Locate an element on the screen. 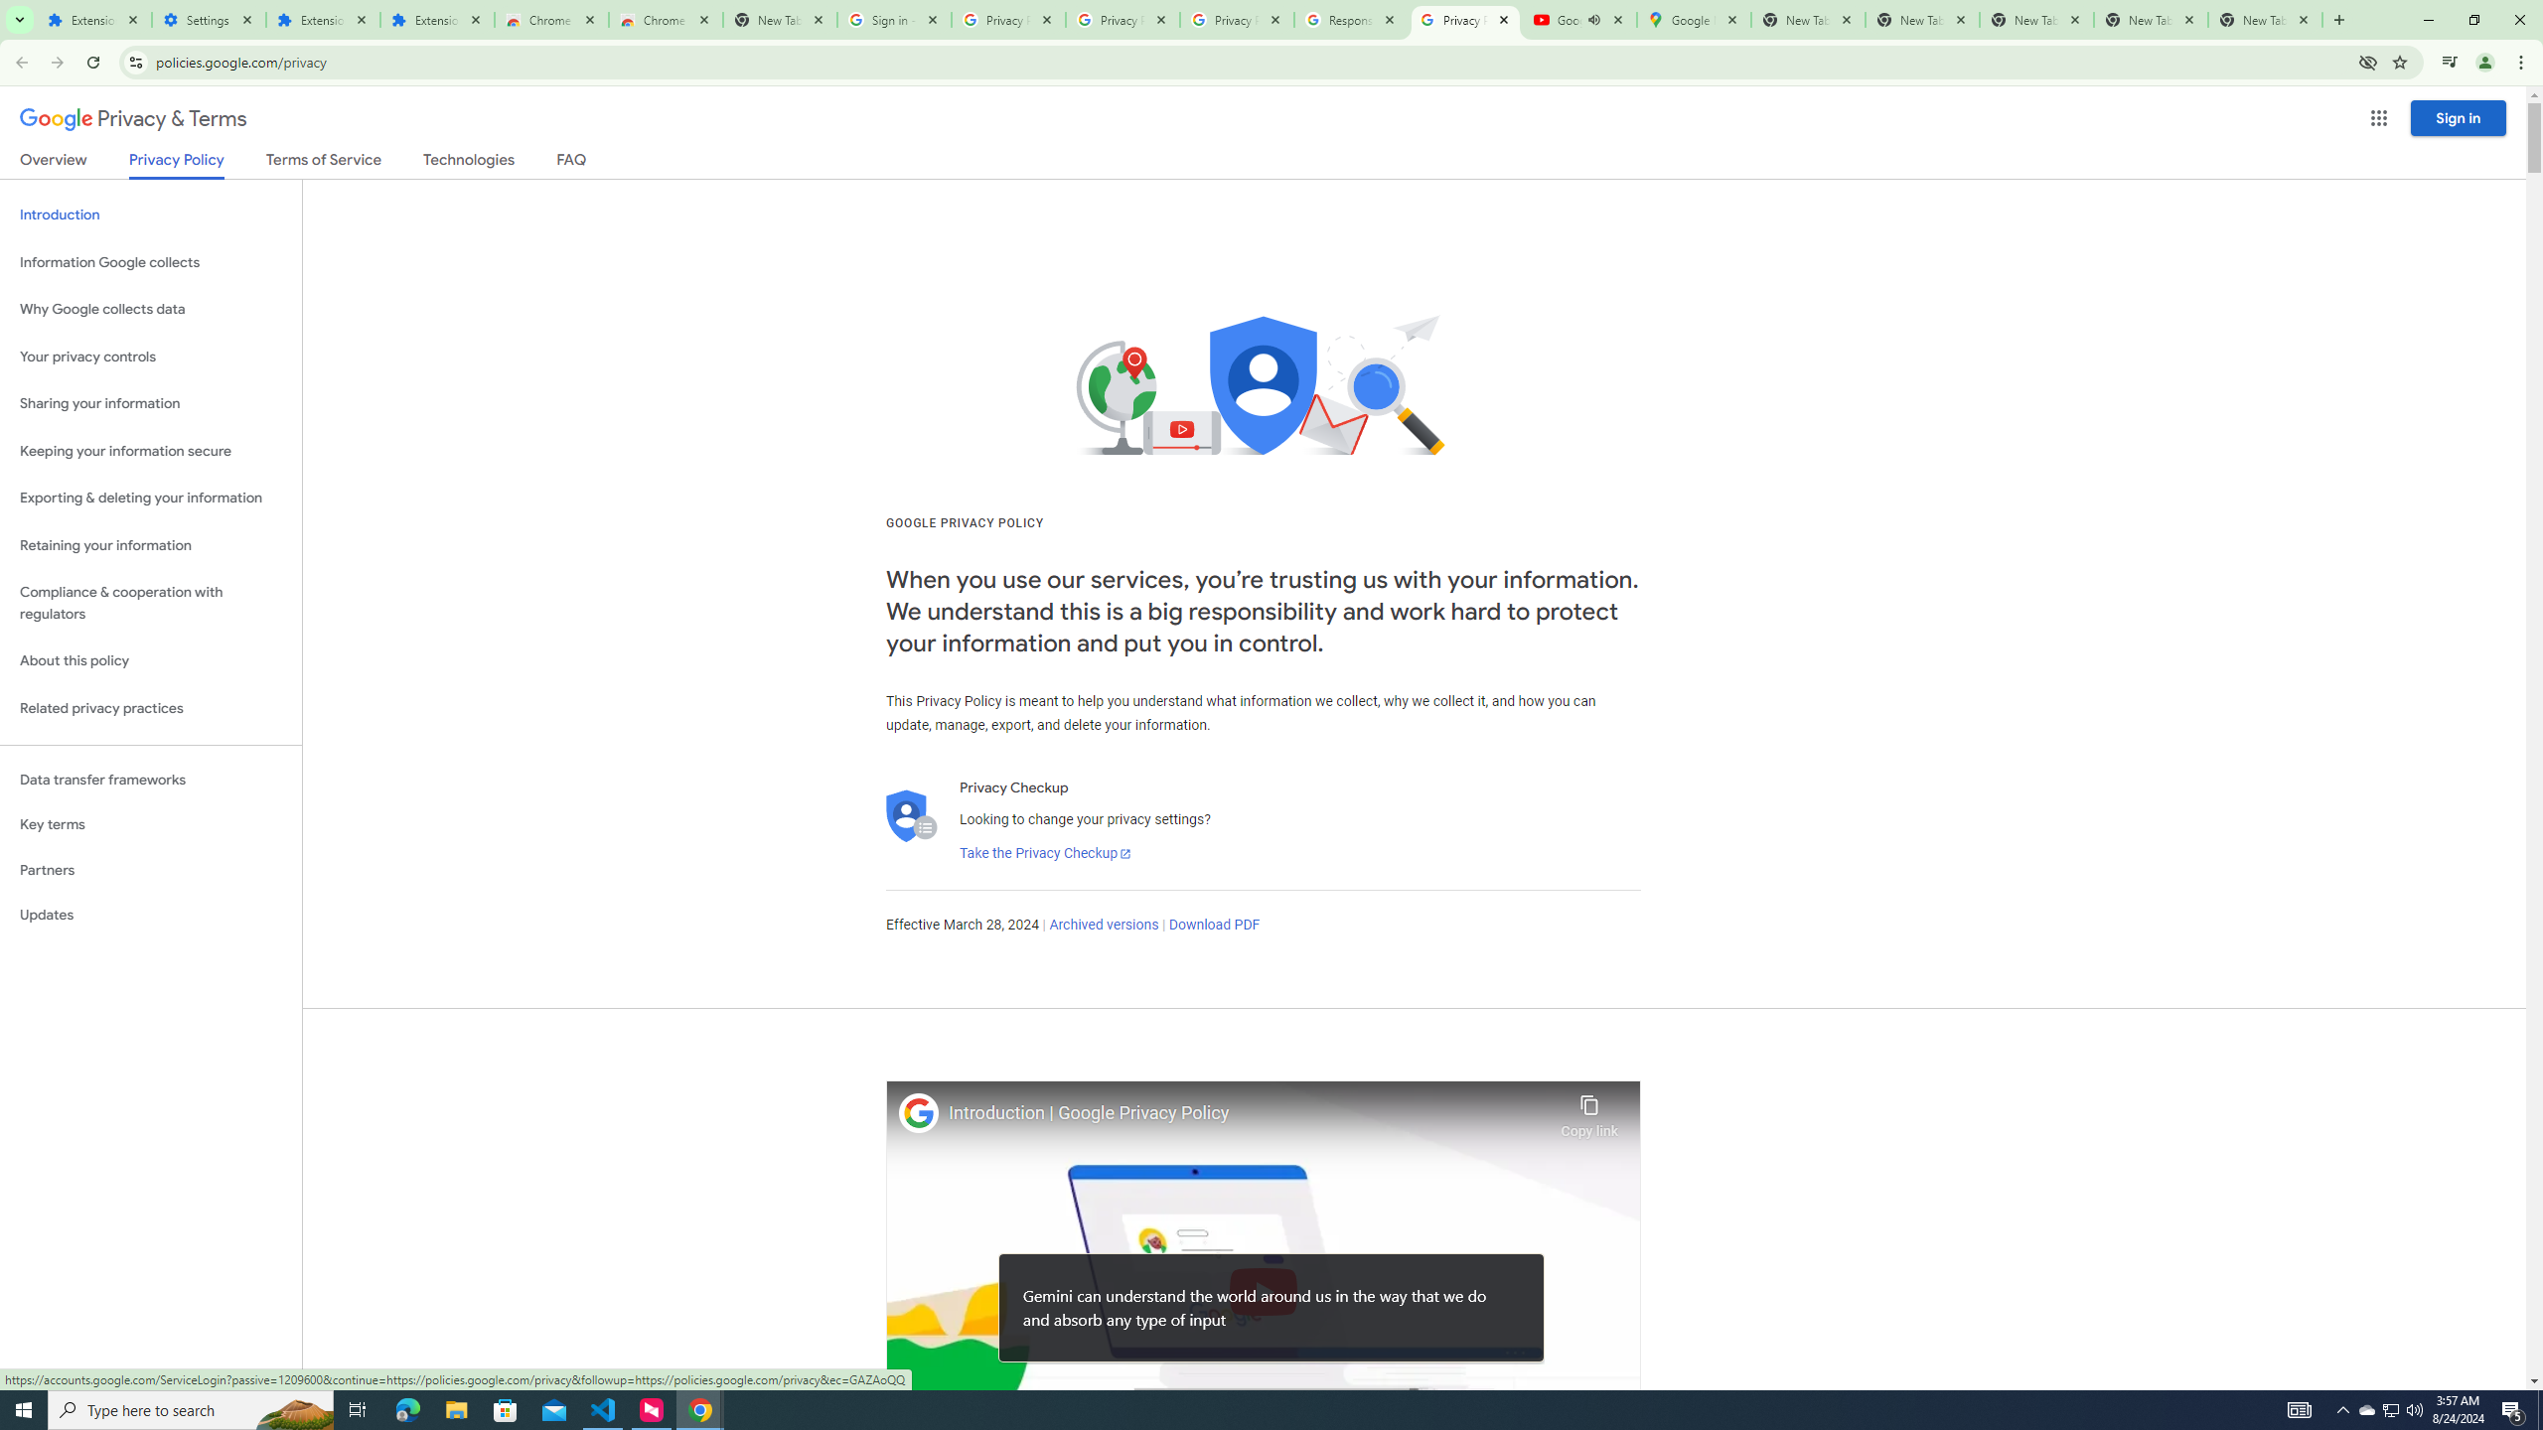 The width and height of the screenshot is (2543, 1430). 'Technologies' is located at coordinates (469, 163).